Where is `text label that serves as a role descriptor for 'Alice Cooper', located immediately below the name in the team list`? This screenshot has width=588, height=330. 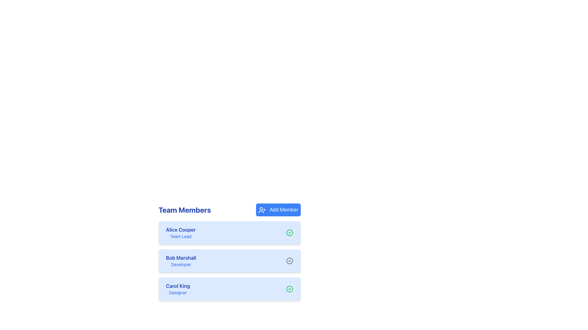 text label that serves as a role descriptor for 'Alice Cooper', located immediately below the name in the team list is located at coordinates (180, 236).